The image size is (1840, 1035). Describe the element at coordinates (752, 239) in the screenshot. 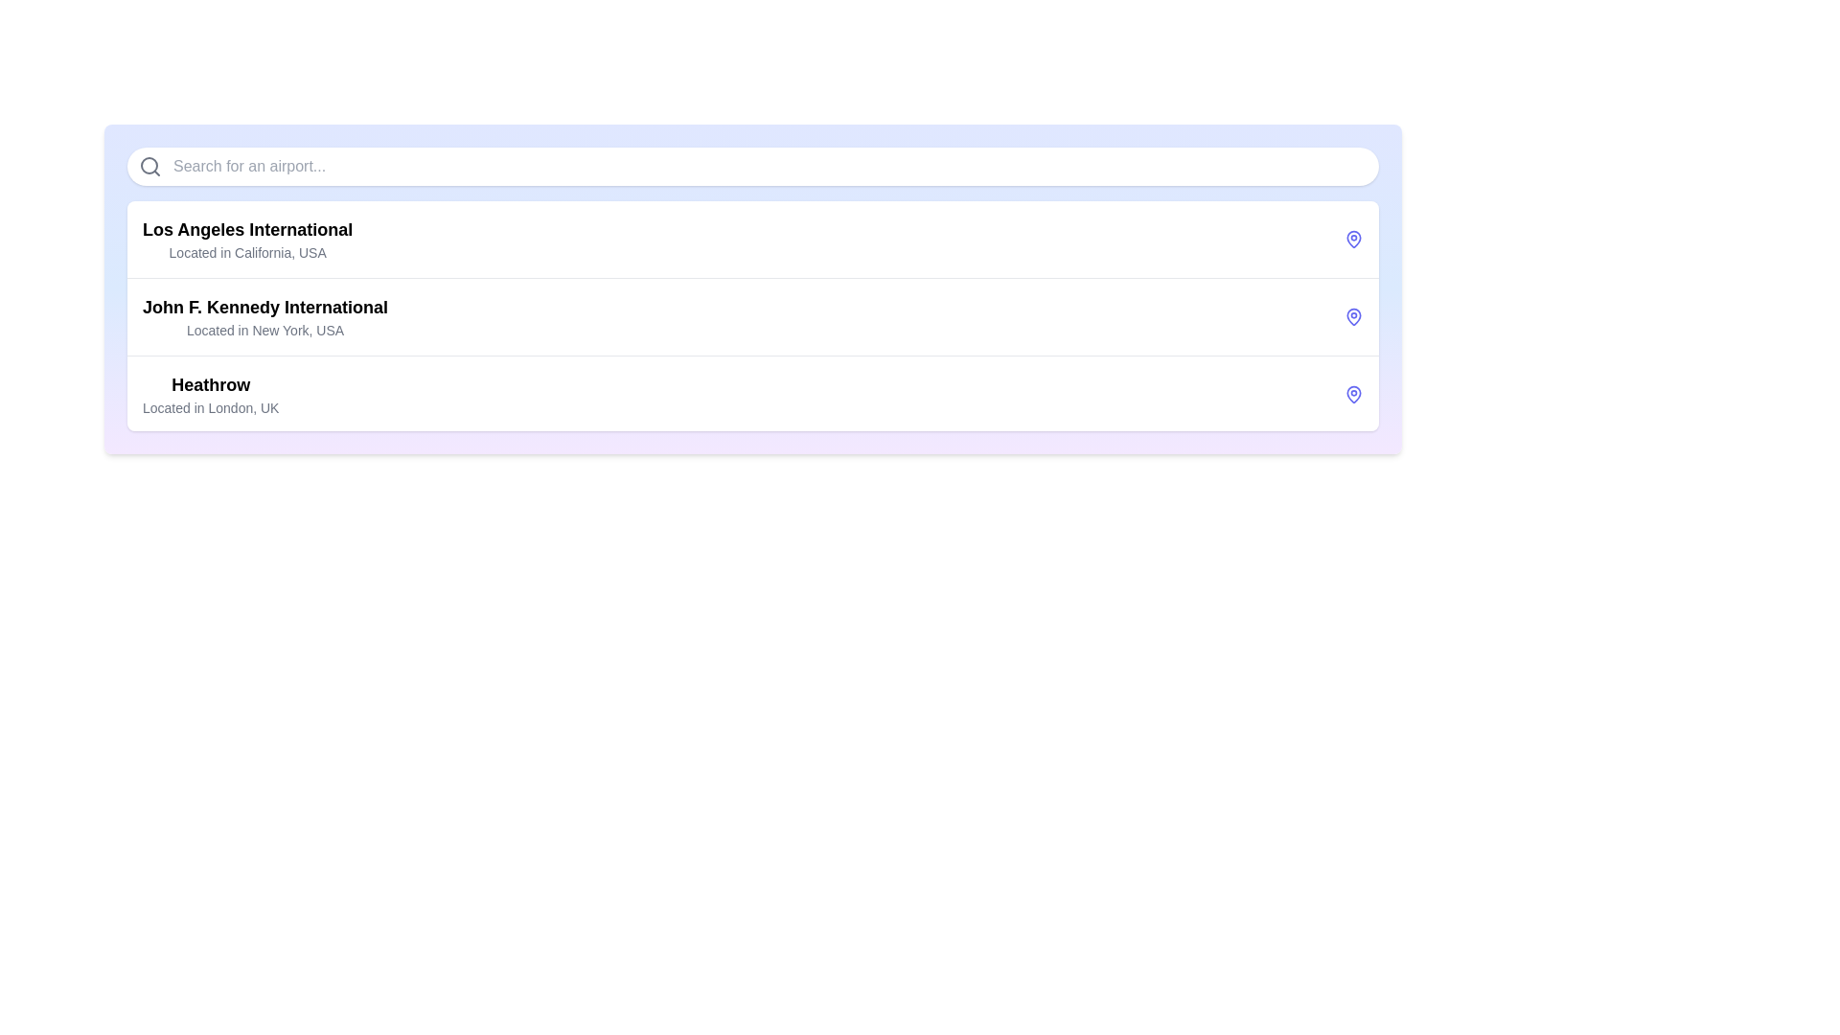

I see `the first list item displaying the name and description of the Los Angeles International airport` at that location.